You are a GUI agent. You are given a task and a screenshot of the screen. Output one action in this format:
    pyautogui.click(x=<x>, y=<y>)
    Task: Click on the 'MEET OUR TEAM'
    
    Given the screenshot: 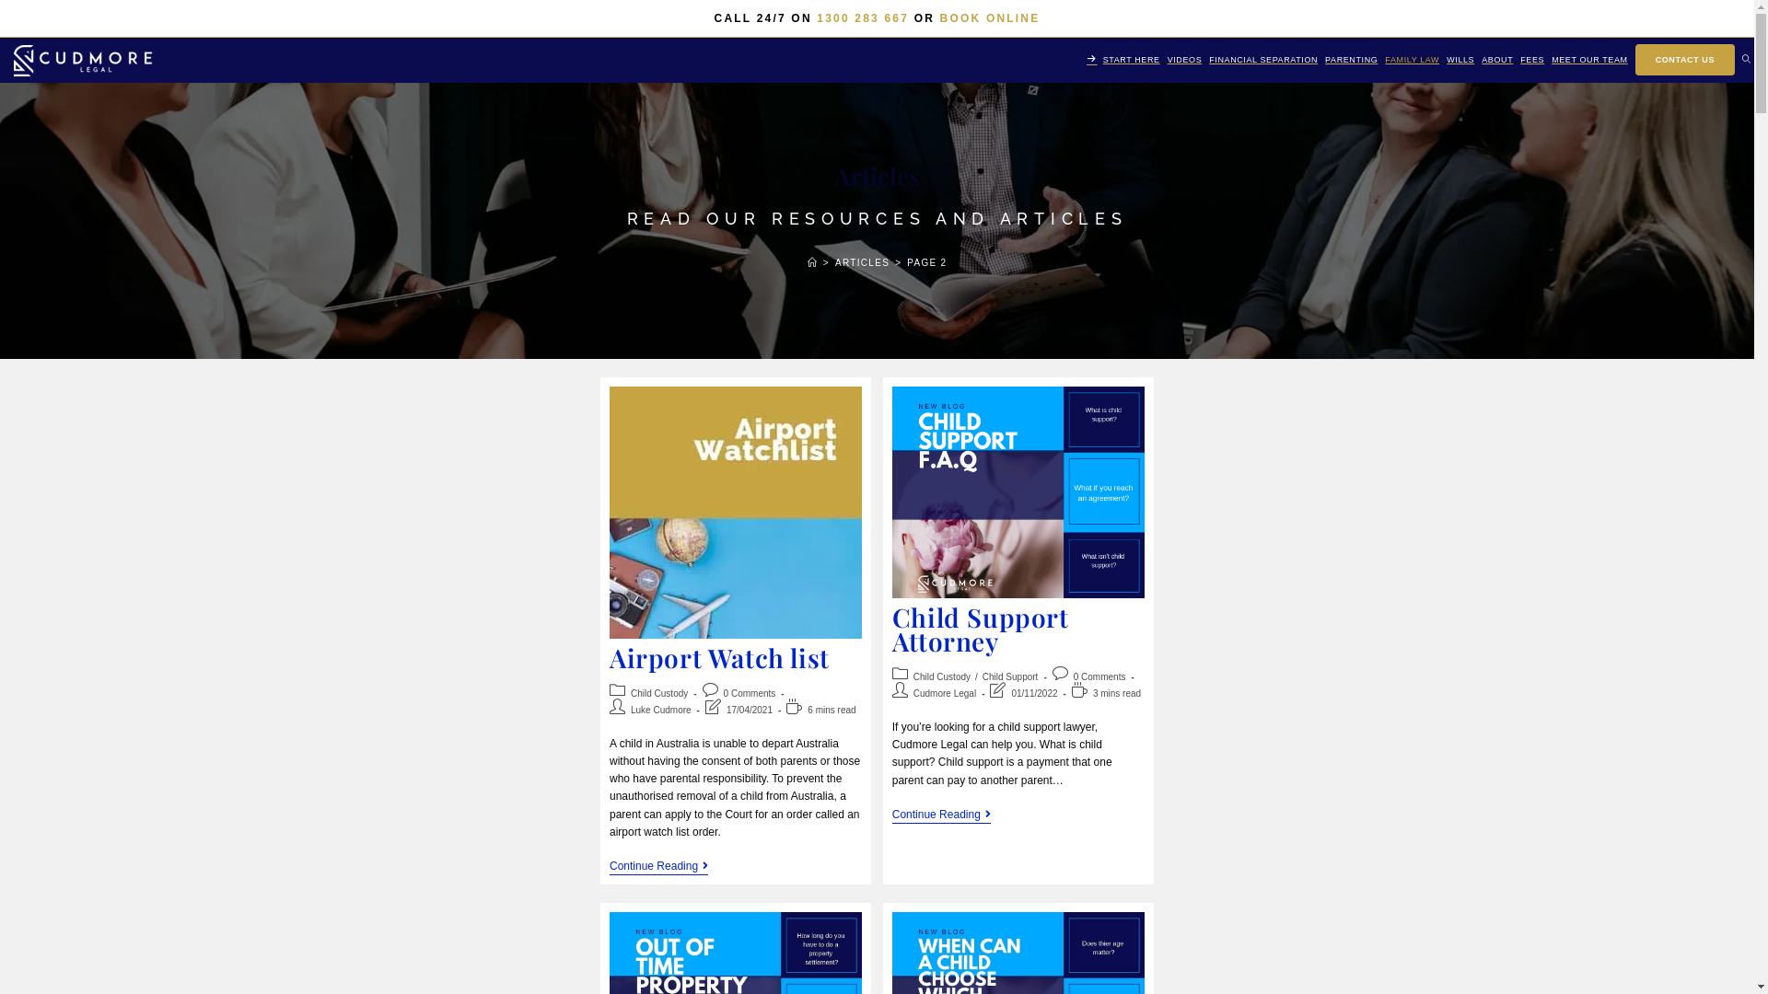 What is the action you would take?
    pyautogui.click(x=1588, y=59)
    